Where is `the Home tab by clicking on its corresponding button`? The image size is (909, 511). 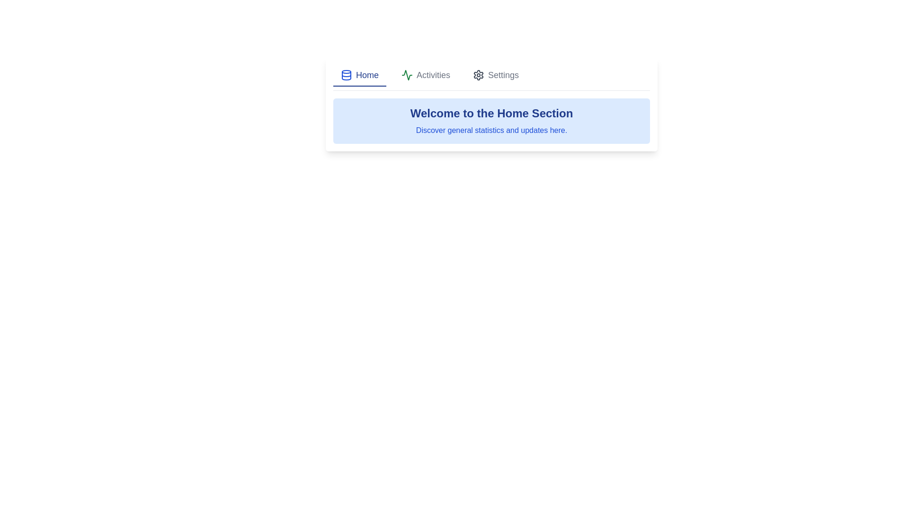 the Home tab by clicking on its corresponding button is located at coordinates (359, 75).